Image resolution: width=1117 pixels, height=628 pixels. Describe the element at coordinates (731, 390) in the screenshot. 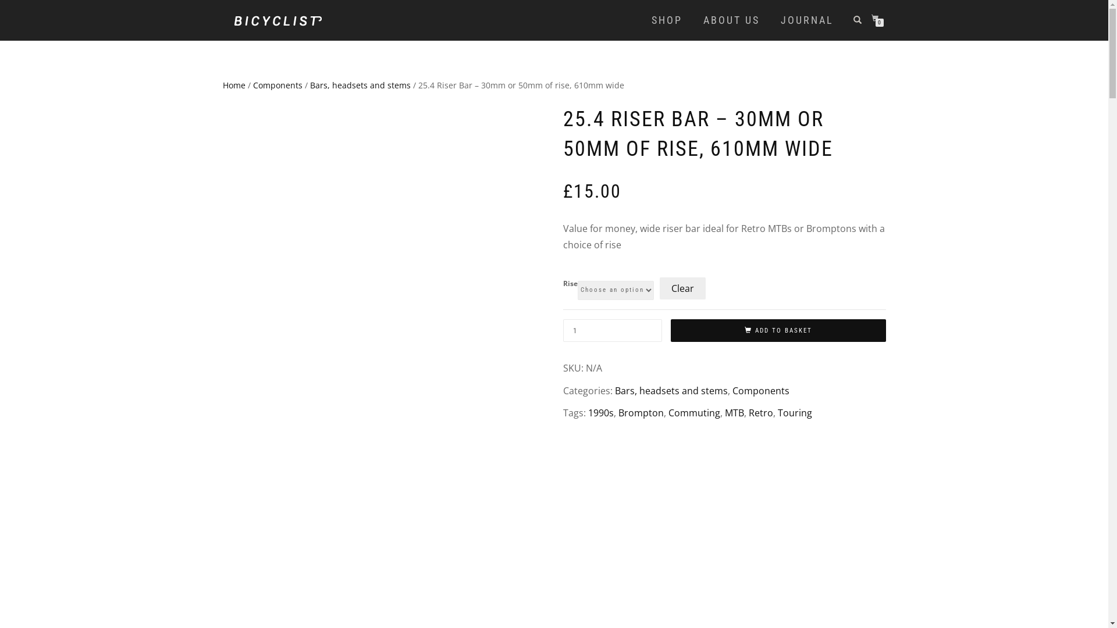

I see `'Components'` at that location.